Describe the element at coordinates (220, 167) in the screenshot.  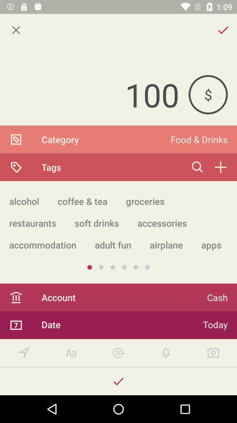
I see `item below food & drinks icon` at that location.